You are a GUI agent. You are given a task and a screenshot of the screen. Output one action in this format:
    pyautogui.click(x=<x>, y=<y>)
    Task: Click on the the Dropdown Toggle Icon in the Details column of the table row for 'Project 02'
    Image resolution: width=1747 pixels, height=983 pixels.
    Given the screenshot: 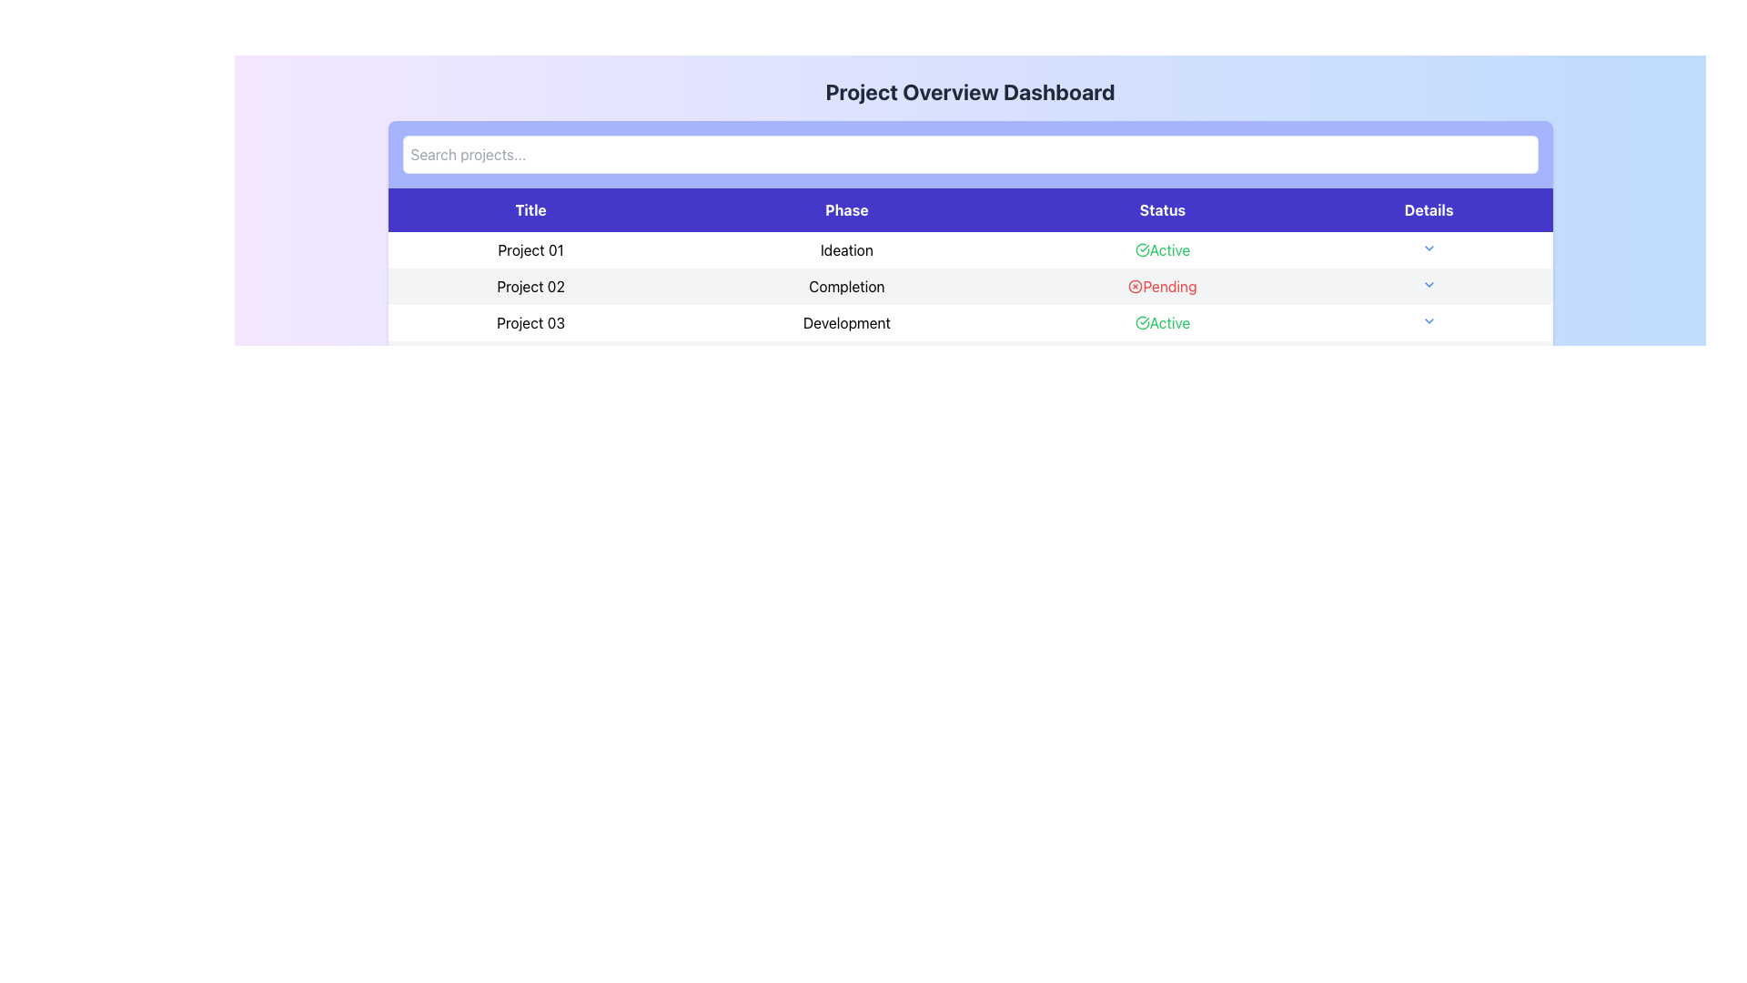 What is the action you would take?
    pyautogui.click(x=1428, y=287)
    